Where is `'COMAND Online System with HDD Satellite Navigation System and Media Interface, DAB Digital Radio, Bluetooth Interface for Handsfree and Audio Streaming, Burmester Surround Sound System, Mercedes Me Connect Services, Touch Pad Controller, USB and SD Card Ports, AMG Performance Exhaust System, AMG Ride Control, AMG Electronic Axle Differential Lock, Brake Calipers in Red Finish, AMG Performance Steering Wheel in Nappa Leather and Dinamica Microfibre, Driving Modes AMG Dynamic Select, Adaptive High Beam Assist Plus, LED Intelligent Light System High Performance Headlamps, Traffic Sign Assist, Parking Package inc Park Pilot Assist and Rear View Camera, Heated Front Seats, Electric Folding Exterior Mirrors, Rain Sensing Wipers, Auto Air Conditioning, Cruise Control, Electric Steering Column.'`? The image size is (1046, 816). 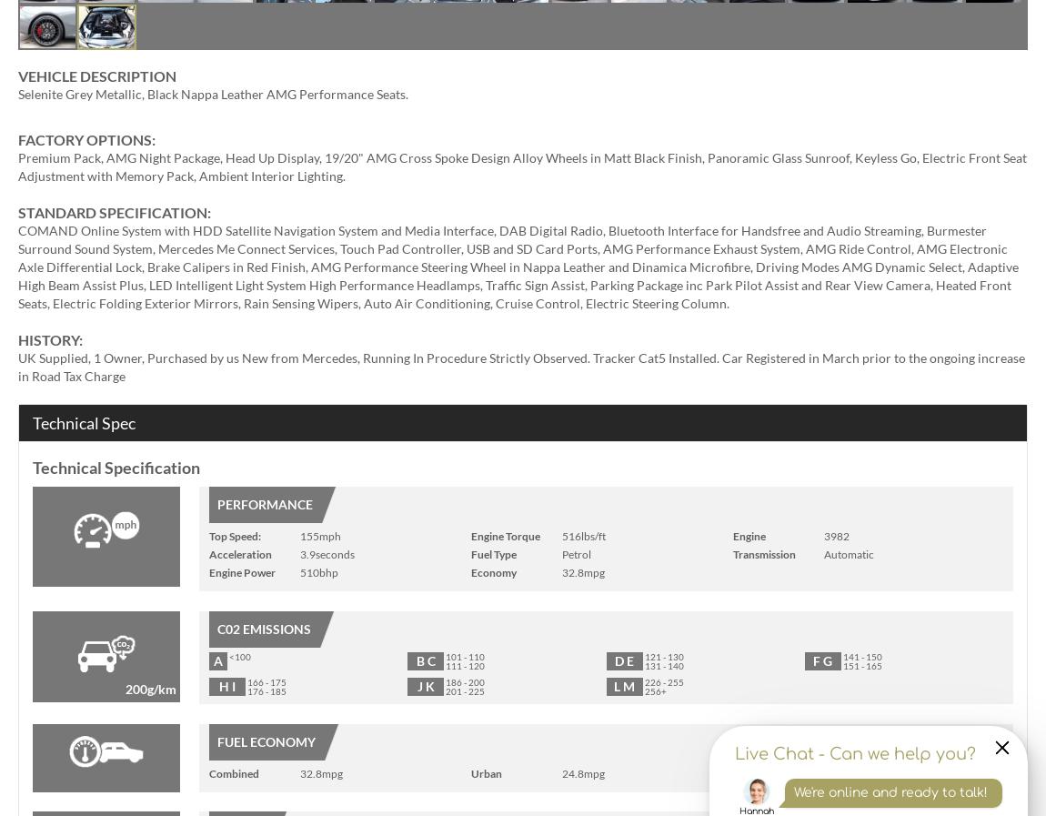 'COMAND Online System with HDD Satellite Navigation System and Media Interface, DAB Digital Radio, Bluetooth Interface for Handsfree and Audio Streaming, Burmester Surround Sound System, Mercedes Me Connect Services, Touch Pad Controller, USB and SD Card Ports, AMG Performance Exhaust System, AMG Ride Control, AMG Electronic Axle Differential Lock, Brake Calipers in Red Finish, AMG Performance Steering Wheel in Nappa Leather and Dinamica Microfibre, Driving Modes AMG Dynamic Select, Adaptive High Beam Assist Plus, LED Intelligent Light System High Performance Headlamps, Traffic Sign Assist, Parking Package inc Park Pilot Assist and Rear View Camera, Heated Front Seats, Electric Folding Exterior Mirrors, Rain Sensing Wipers, Auto Air Conditioning, Cruise Control, Electric Steering Column.' is located at coordinates (518, 266).